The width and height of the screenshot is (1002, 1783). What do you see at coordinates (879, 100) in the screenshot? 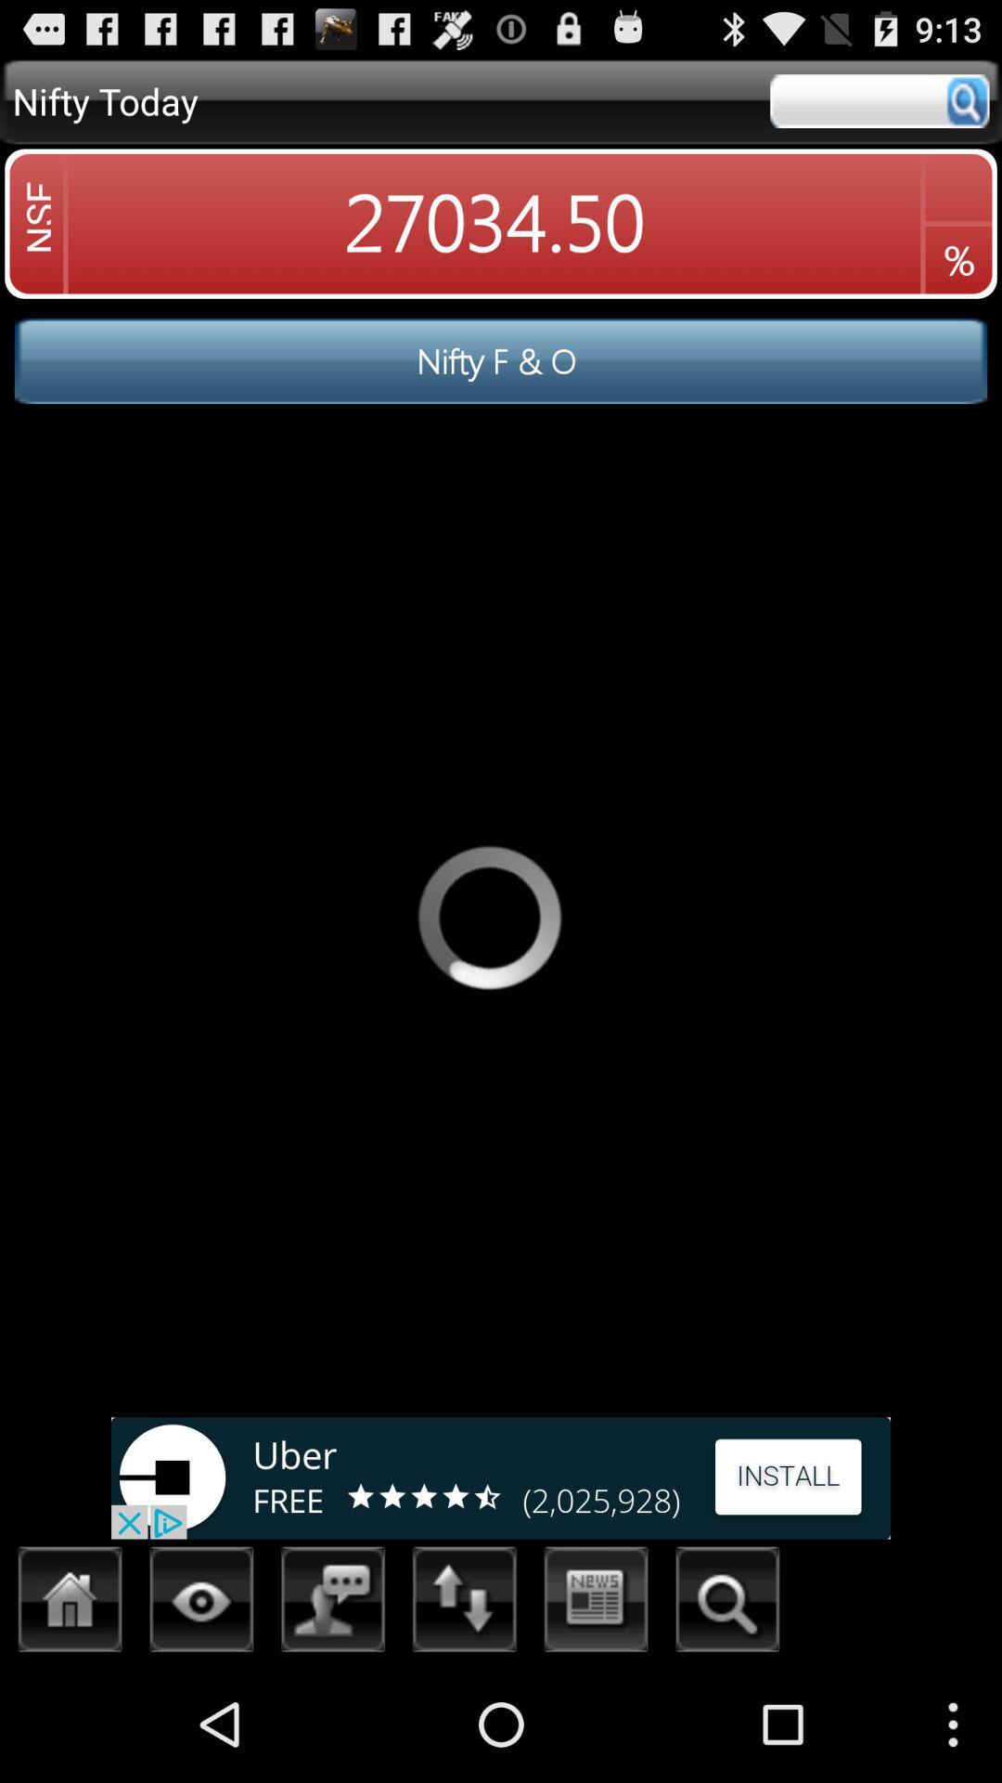
I see `search` at bounding box center [879, 100].